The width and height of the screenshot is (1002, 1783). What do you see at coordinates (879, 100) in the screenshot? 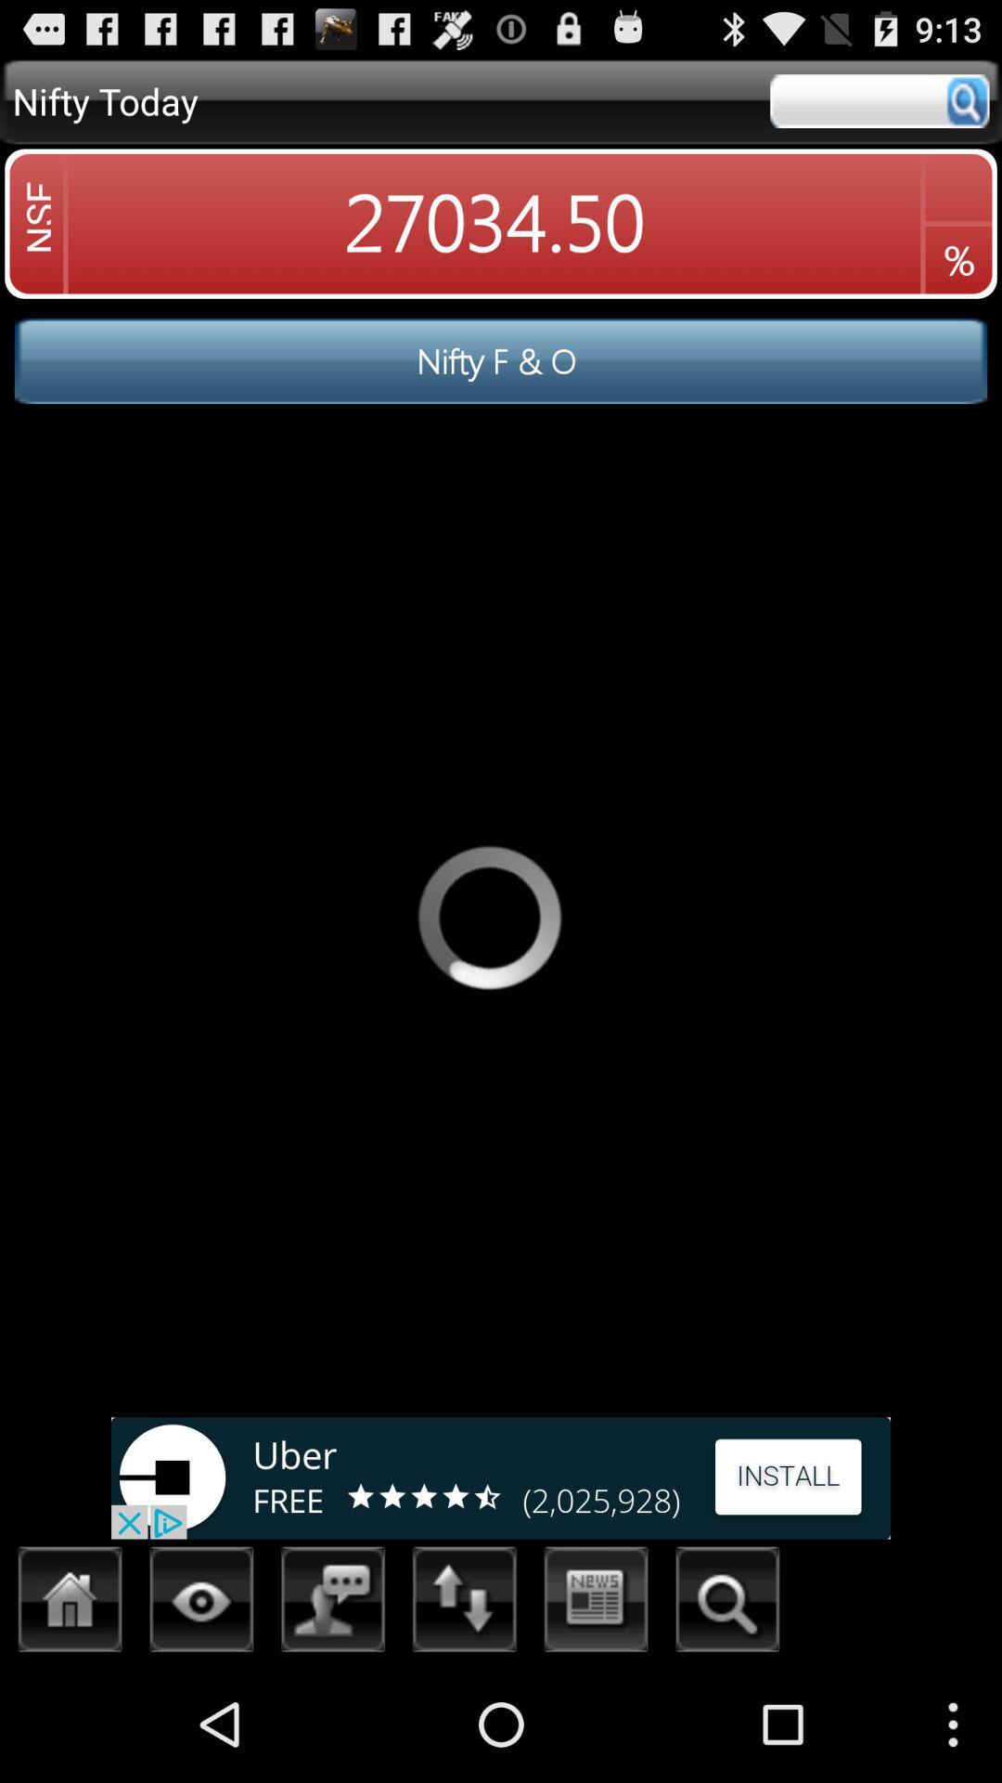
I see `search` at bounding box center [879, 100].